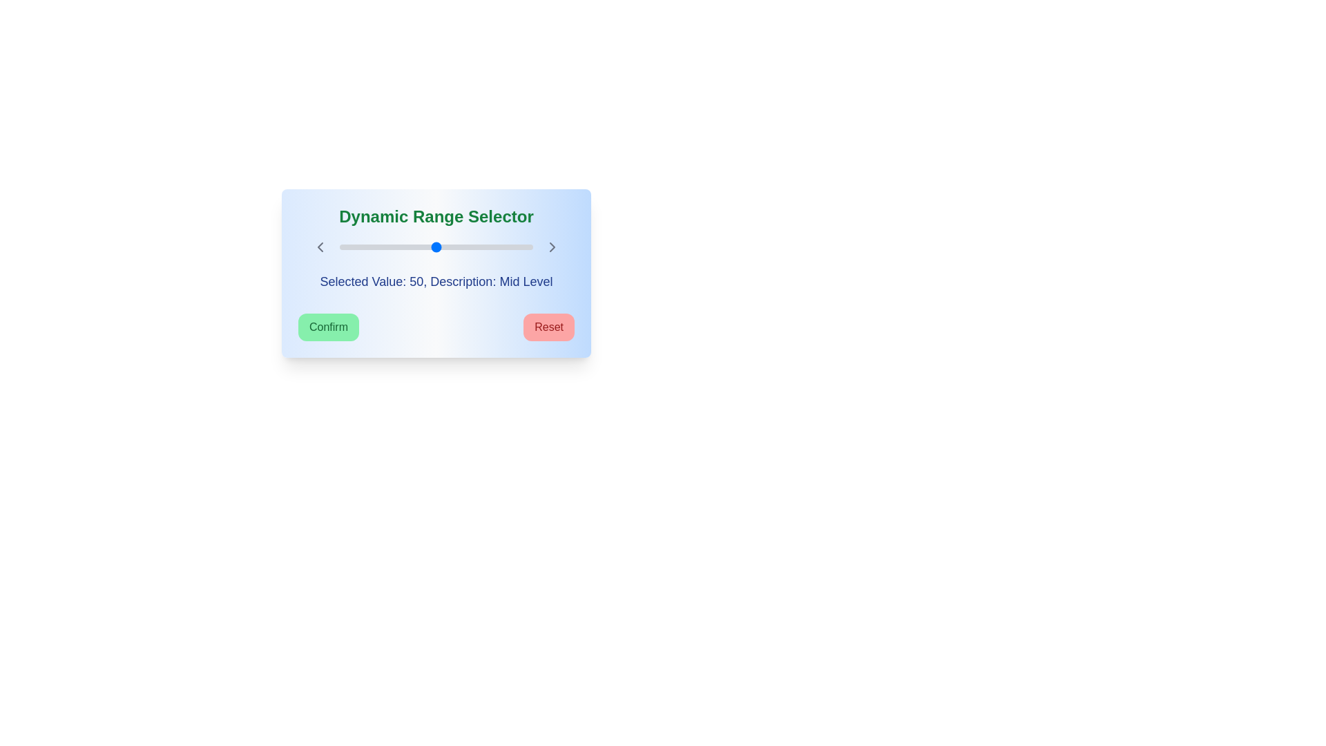 The width and height of the screenshot is (1326, 746). Describe the element at coordinates (395, 247) in the screenshot. I see `the slider` at that location.